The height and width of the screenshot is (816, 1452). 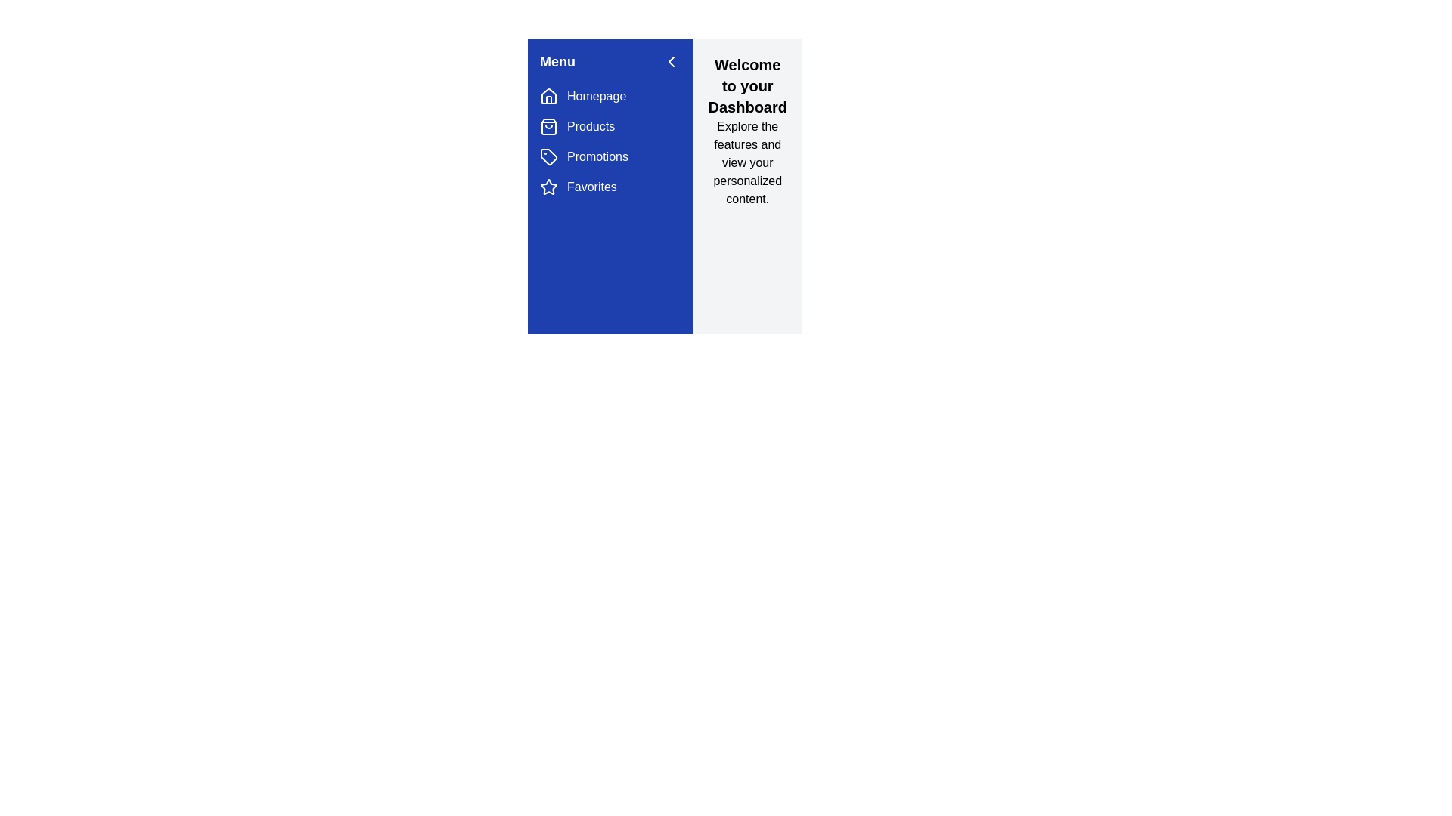 I want to click on the navigation menu item corresponding to Products, so click(x=548, y=126).